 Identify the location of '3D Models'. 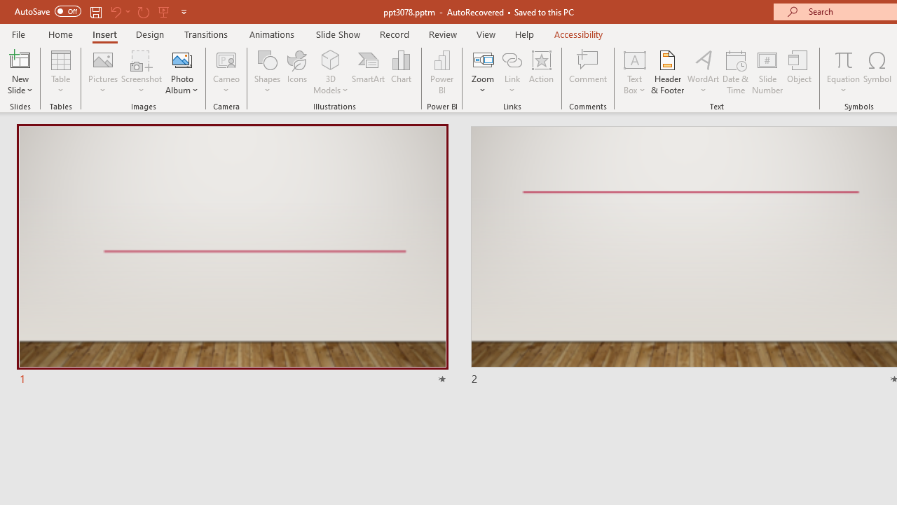
(330, 59).